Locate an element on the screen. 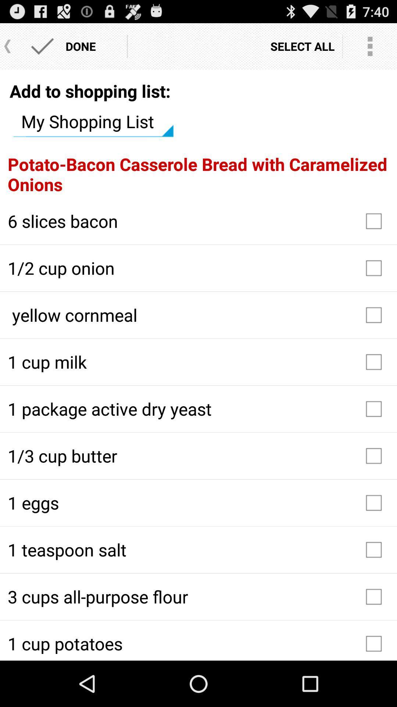  icon above 1 cup milk is located at coordinates (198, 315).